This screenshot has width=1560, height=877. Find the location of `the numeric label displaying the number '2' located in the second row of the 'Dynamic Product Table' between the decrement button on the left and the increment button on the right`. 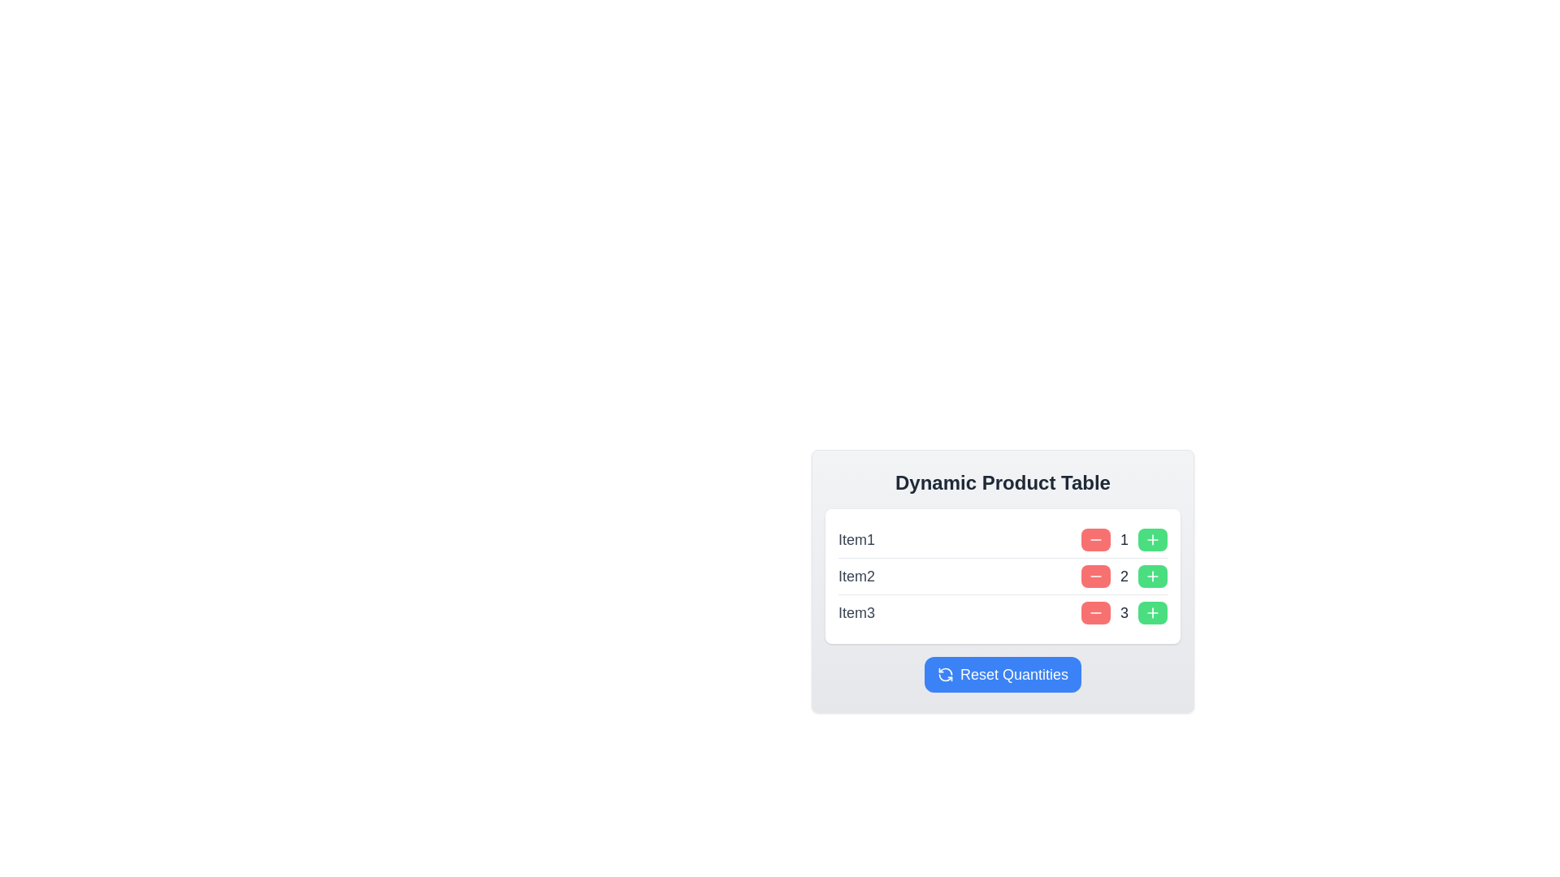

the numeric label displaying the number '2' located in the second row of the 'Dynamic Product Table' between the decrement button on the left and the increment button on the right is located at coordinates (1123, 575).